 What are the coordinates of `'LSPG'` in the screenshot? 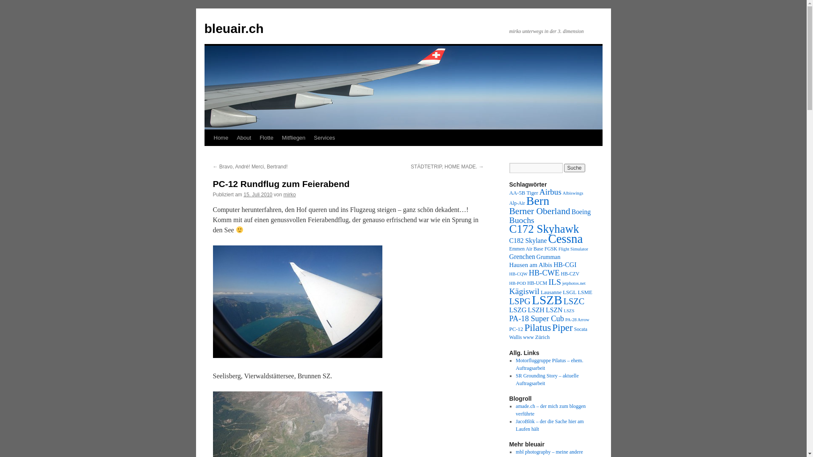 It's located at (519, 301).